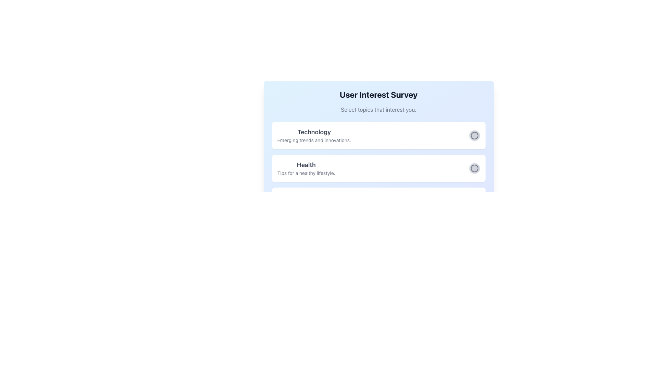 This screenshot has width=657, height=369. What do you see at coordinates (474, 136) in the screenshot?
I see `the styled radio button next to the 'Technology' option in the first list item of the vertical selection menu` at bounding box center [474, 136].